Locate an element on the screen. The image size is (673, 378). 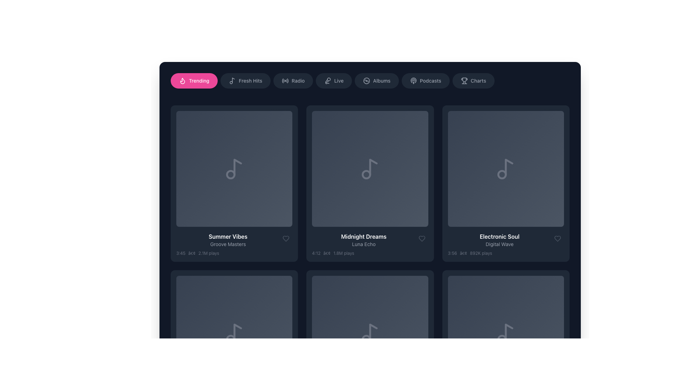
the central audio/music icon located in the first tile beneath the 'Trending' navigation tab, above the text 'Summer Vibes' is located at coordinates (234, 169).